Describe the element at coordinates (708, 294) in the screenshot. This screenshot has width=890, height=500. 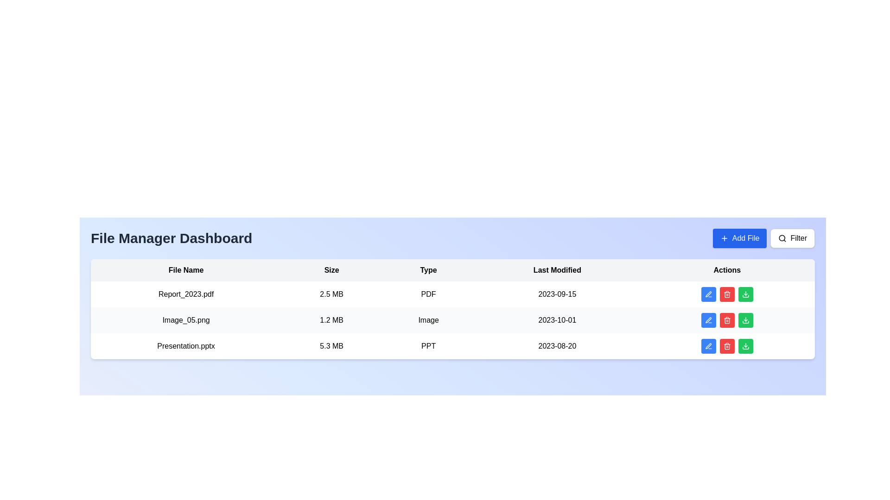
I see `the graphical action icon in the 'Actions' column of the second row corresponding to the file entry 'Image_05.png'` at that location.